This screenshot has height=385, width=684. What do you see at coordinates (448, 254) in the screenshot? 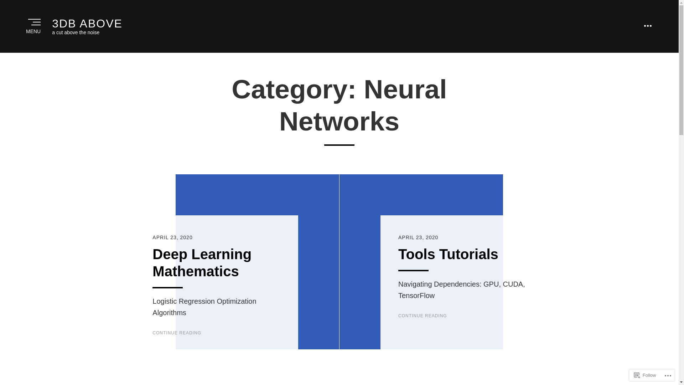
I see `'Tools Tutorials'` at bounding box center [448, 254].